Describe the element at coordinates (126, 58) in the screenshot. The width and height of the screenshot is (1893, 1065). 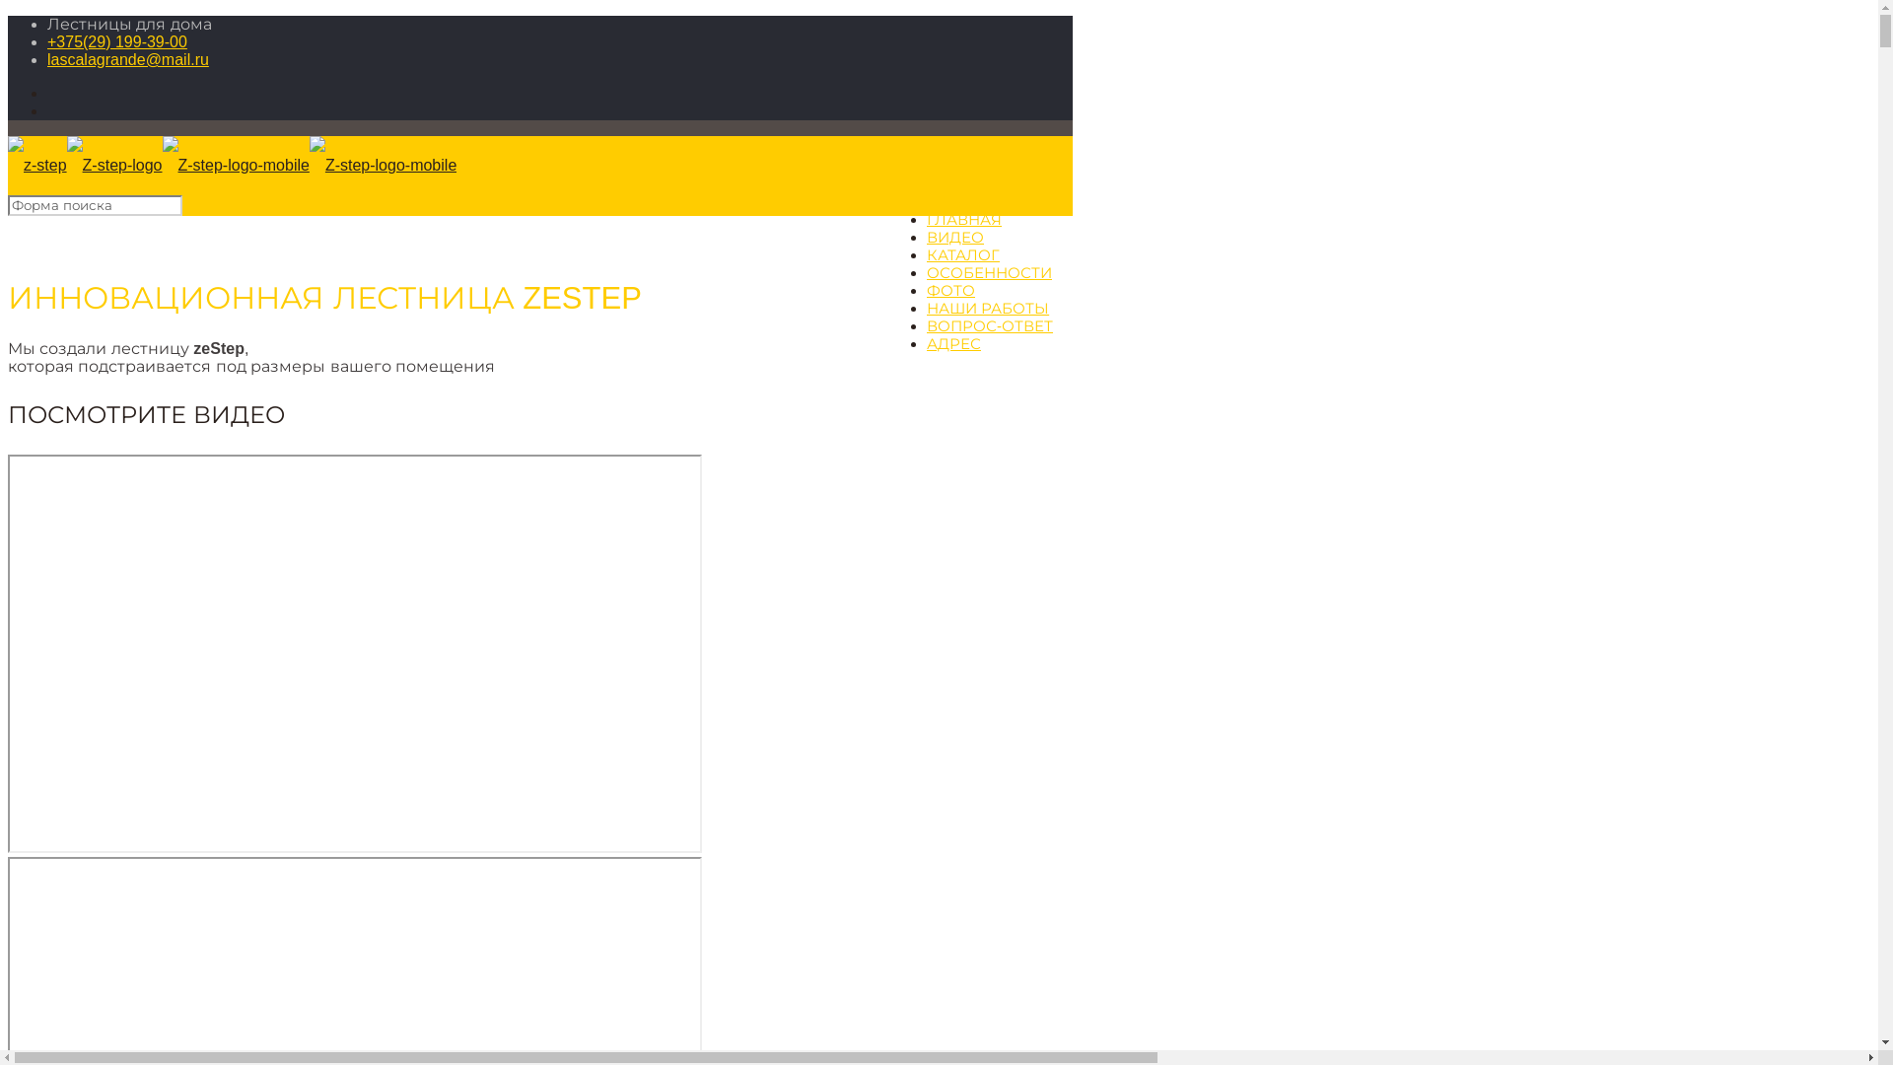
I see `'lascalagrande@mail.ru'` at that location.